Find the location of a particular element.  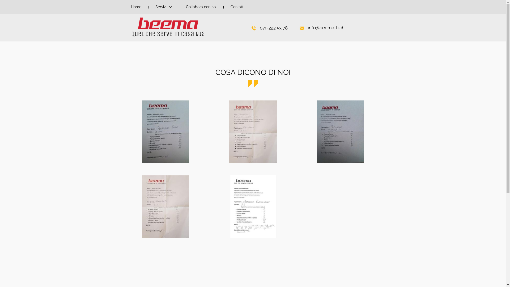

'Home' is located at coordinates (128, 7).